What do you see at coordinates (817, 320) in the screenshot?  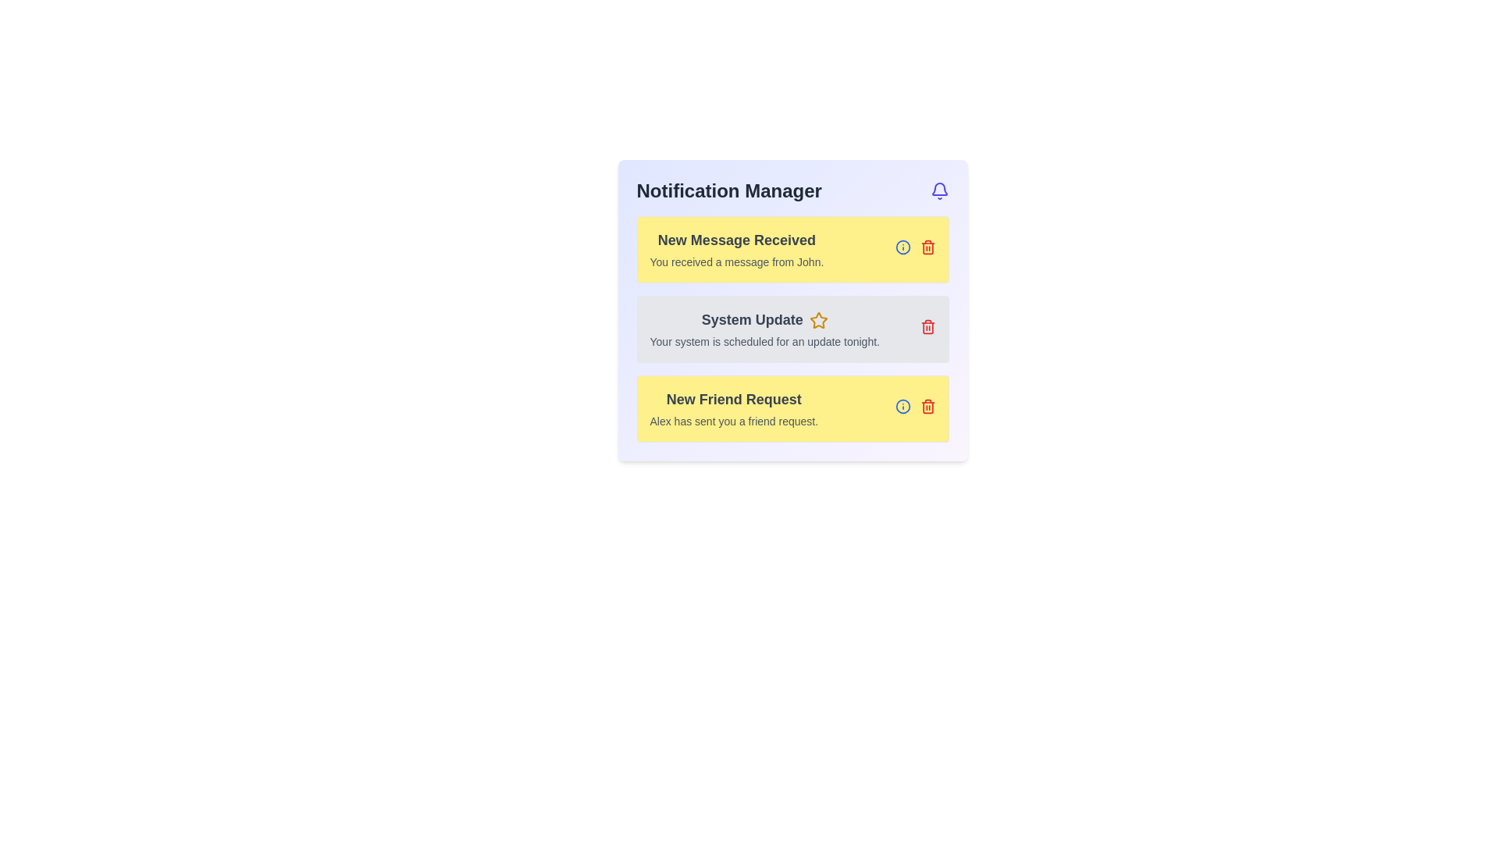 I see `the star-shaped yellow icon located to the right of the 'System Update' text in the middle notification element of the notification interface` at bounding box center [817, 320].